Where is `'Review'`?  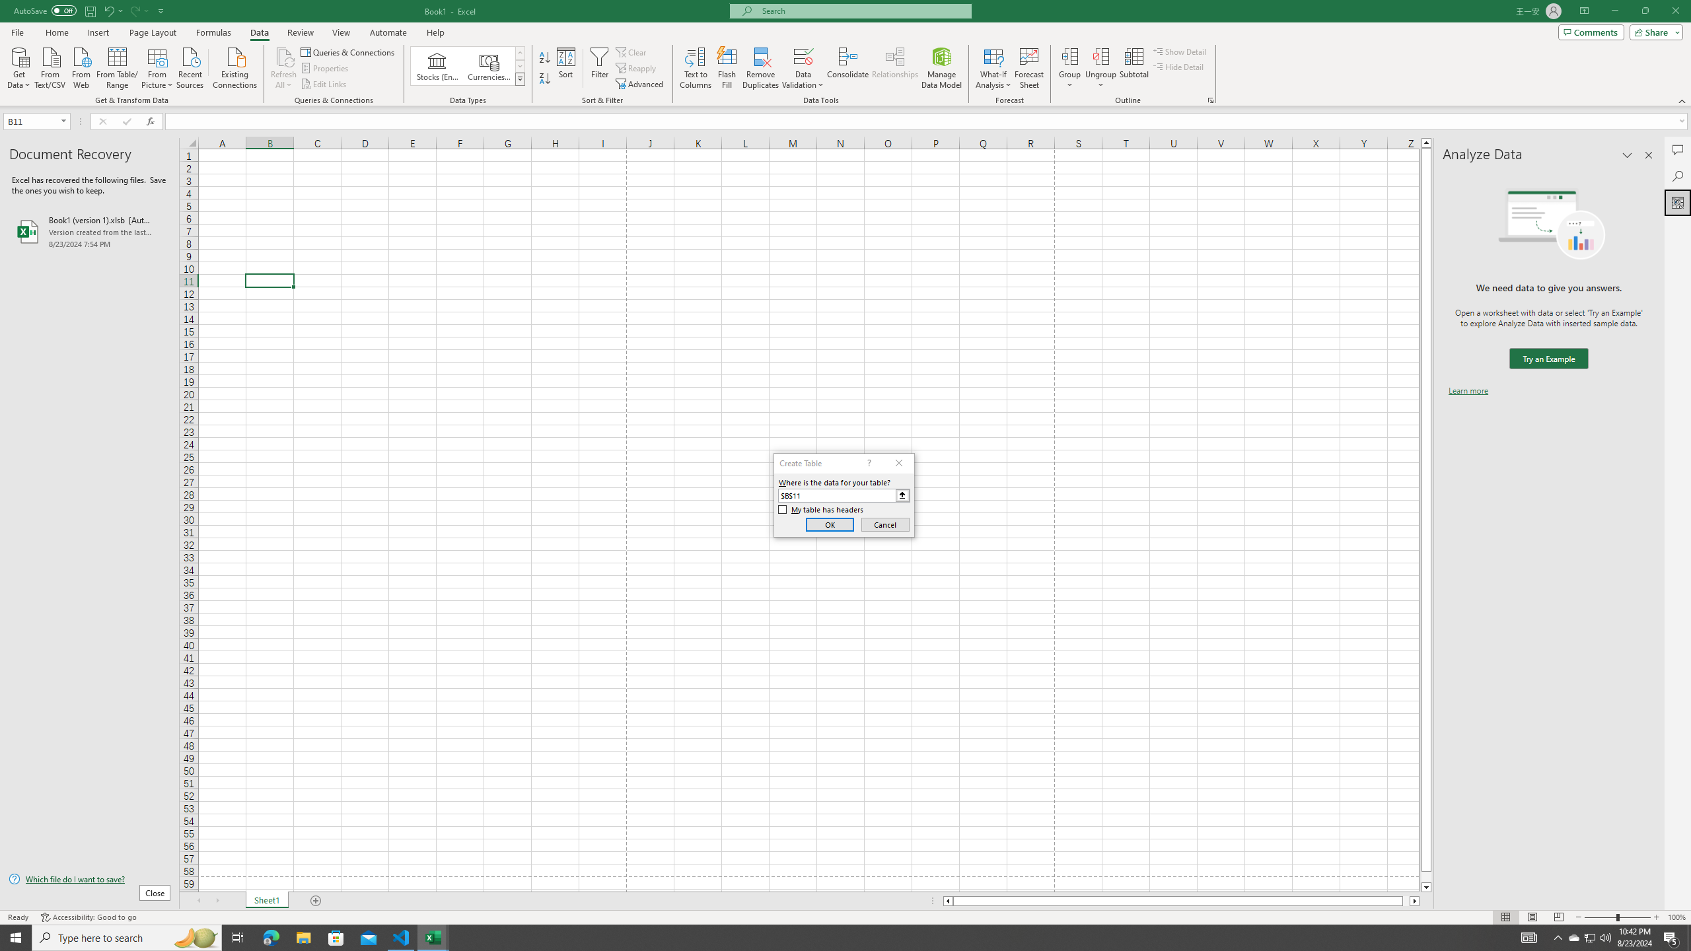
'Review' is located at coordinates (299, 32).